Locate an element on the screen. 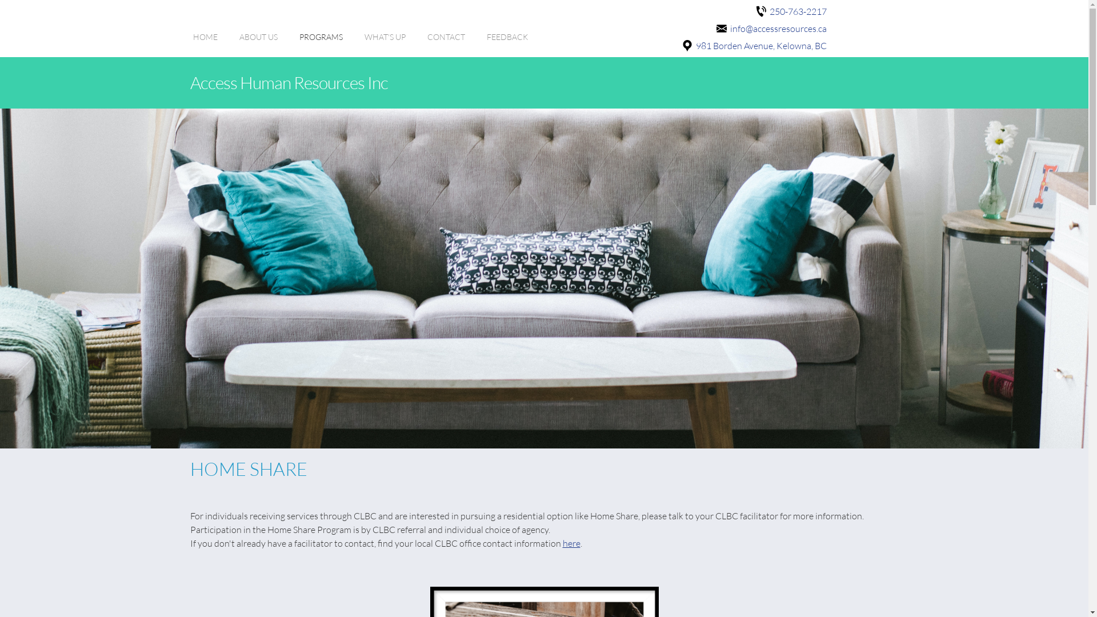  'CONTACT' is located at coordinates (446, 42).